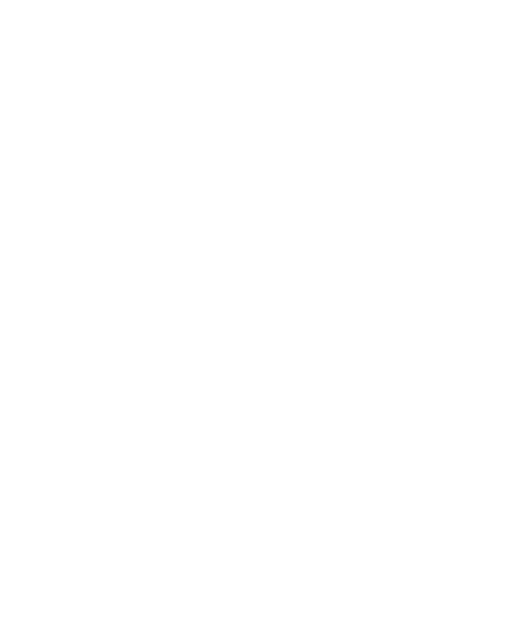 Image resolution: width=522 pixels, height=638 pixels. I want to click on '(63)', so click(120, 340).